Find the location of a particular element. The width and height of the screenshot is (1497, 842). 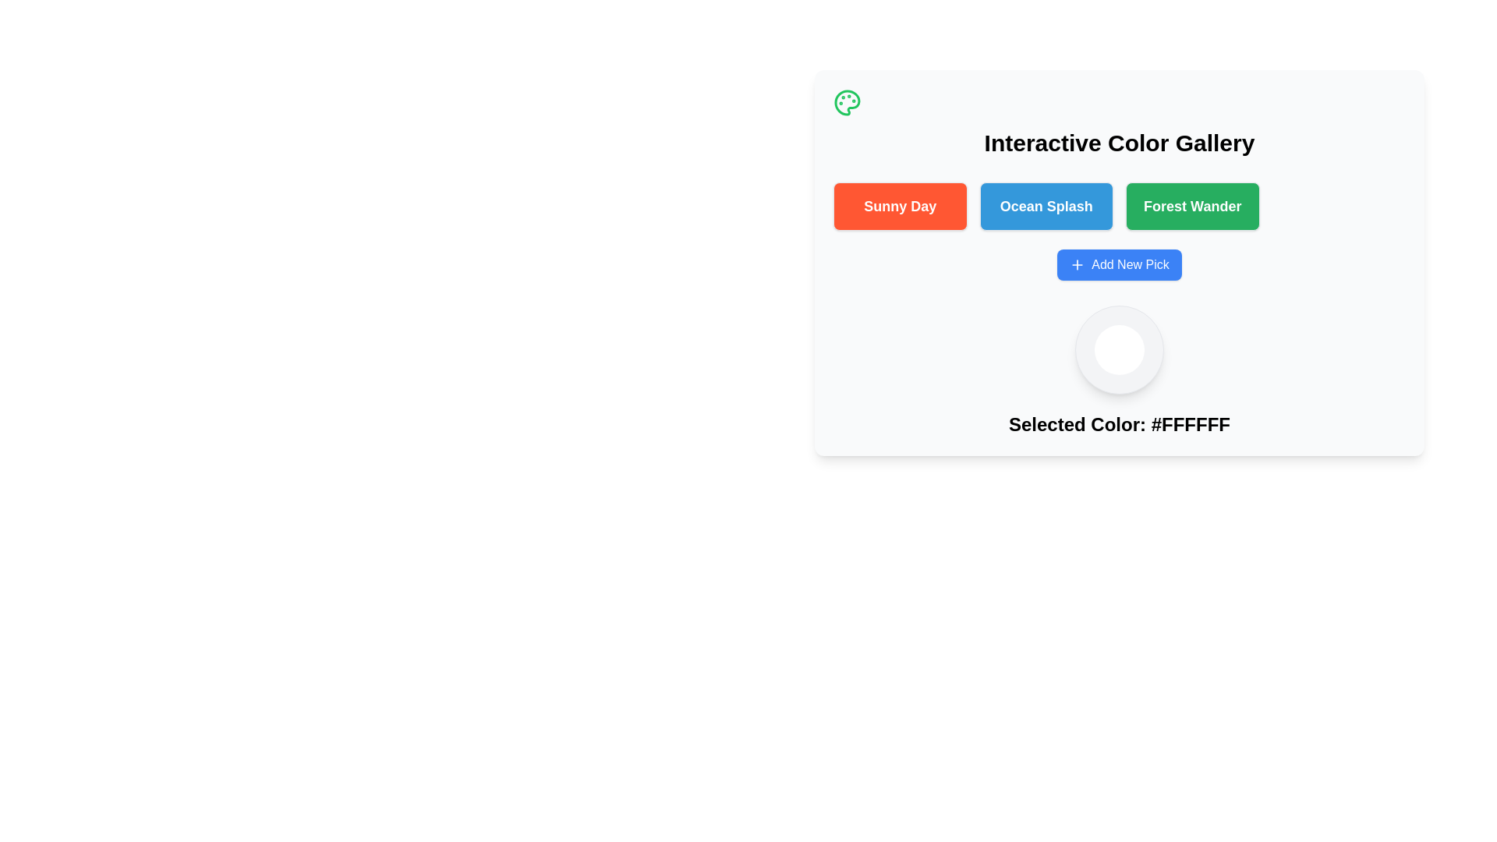

the 'Ocean Splash' button is located at coordinates (1046, 206).